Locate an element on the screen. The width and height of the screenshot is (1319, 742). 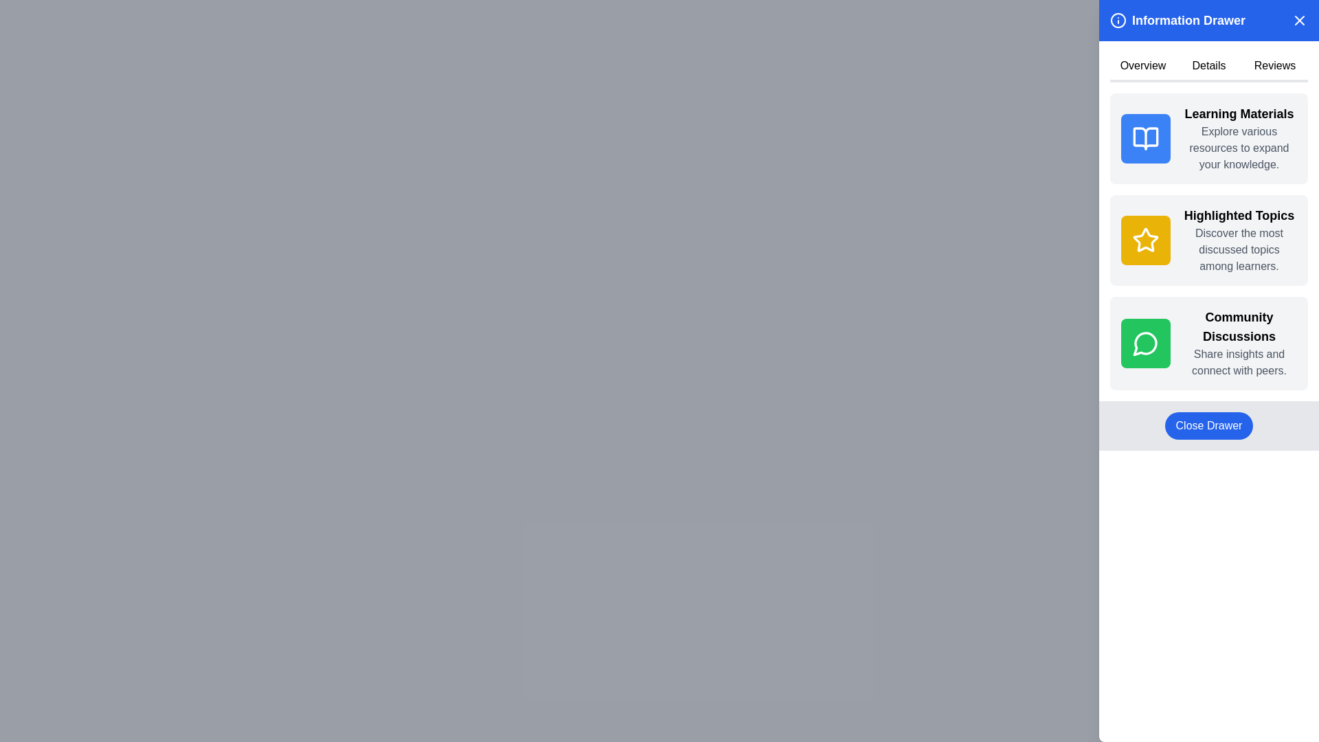
the red 'X' button on the blue header bar is located at coordinates (1298, 21).